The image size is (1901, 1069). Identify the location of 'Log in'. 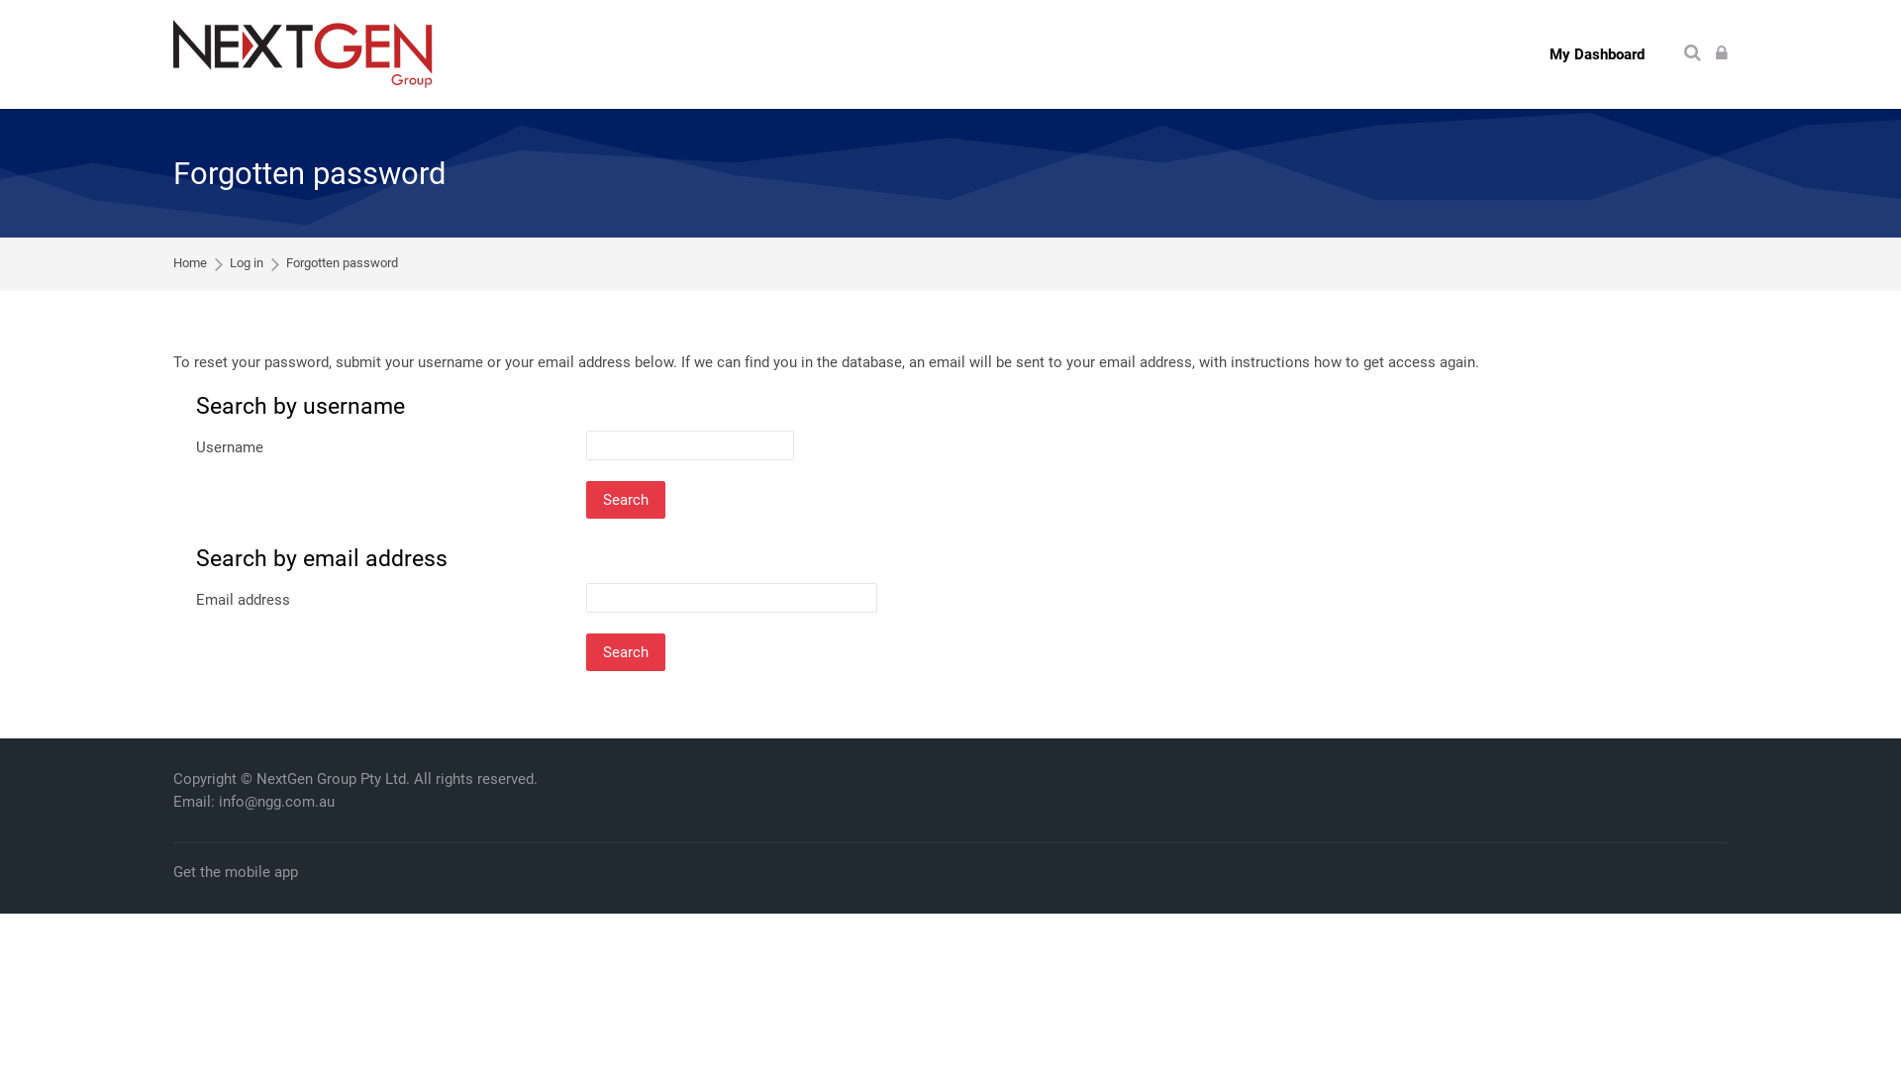
(246, 262).